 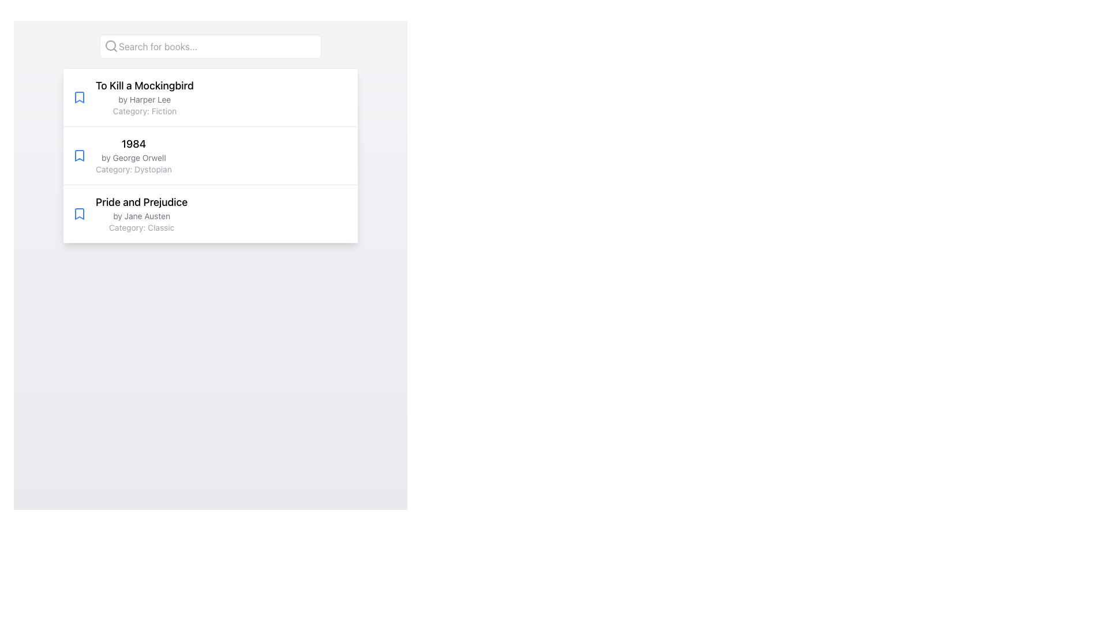 I want to click on information presented in the Text Content Group located within the white card, specifically the third entry detailing a book's title, author, and category, so click(x=141, y=213).